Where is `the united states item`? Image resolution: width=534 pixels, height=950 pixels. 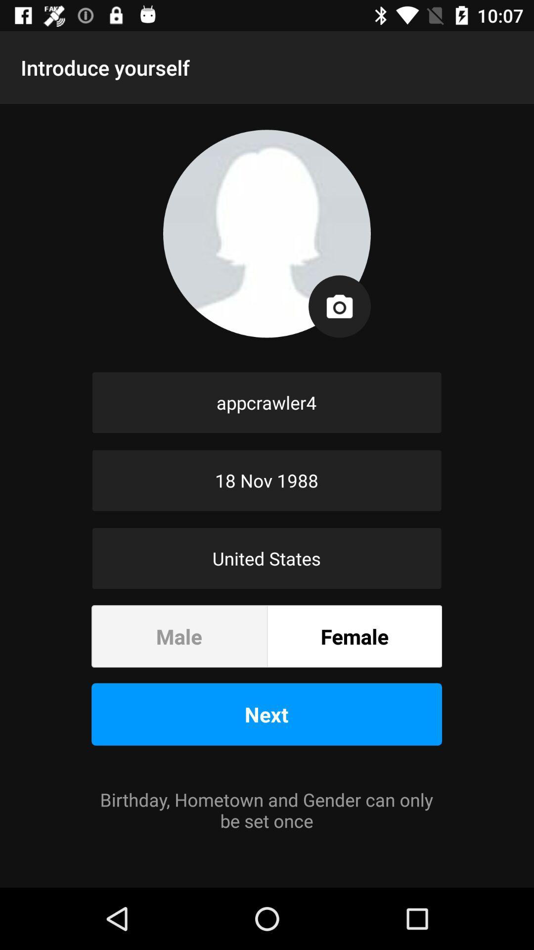
the united states item is located at coordinates (266, 558).